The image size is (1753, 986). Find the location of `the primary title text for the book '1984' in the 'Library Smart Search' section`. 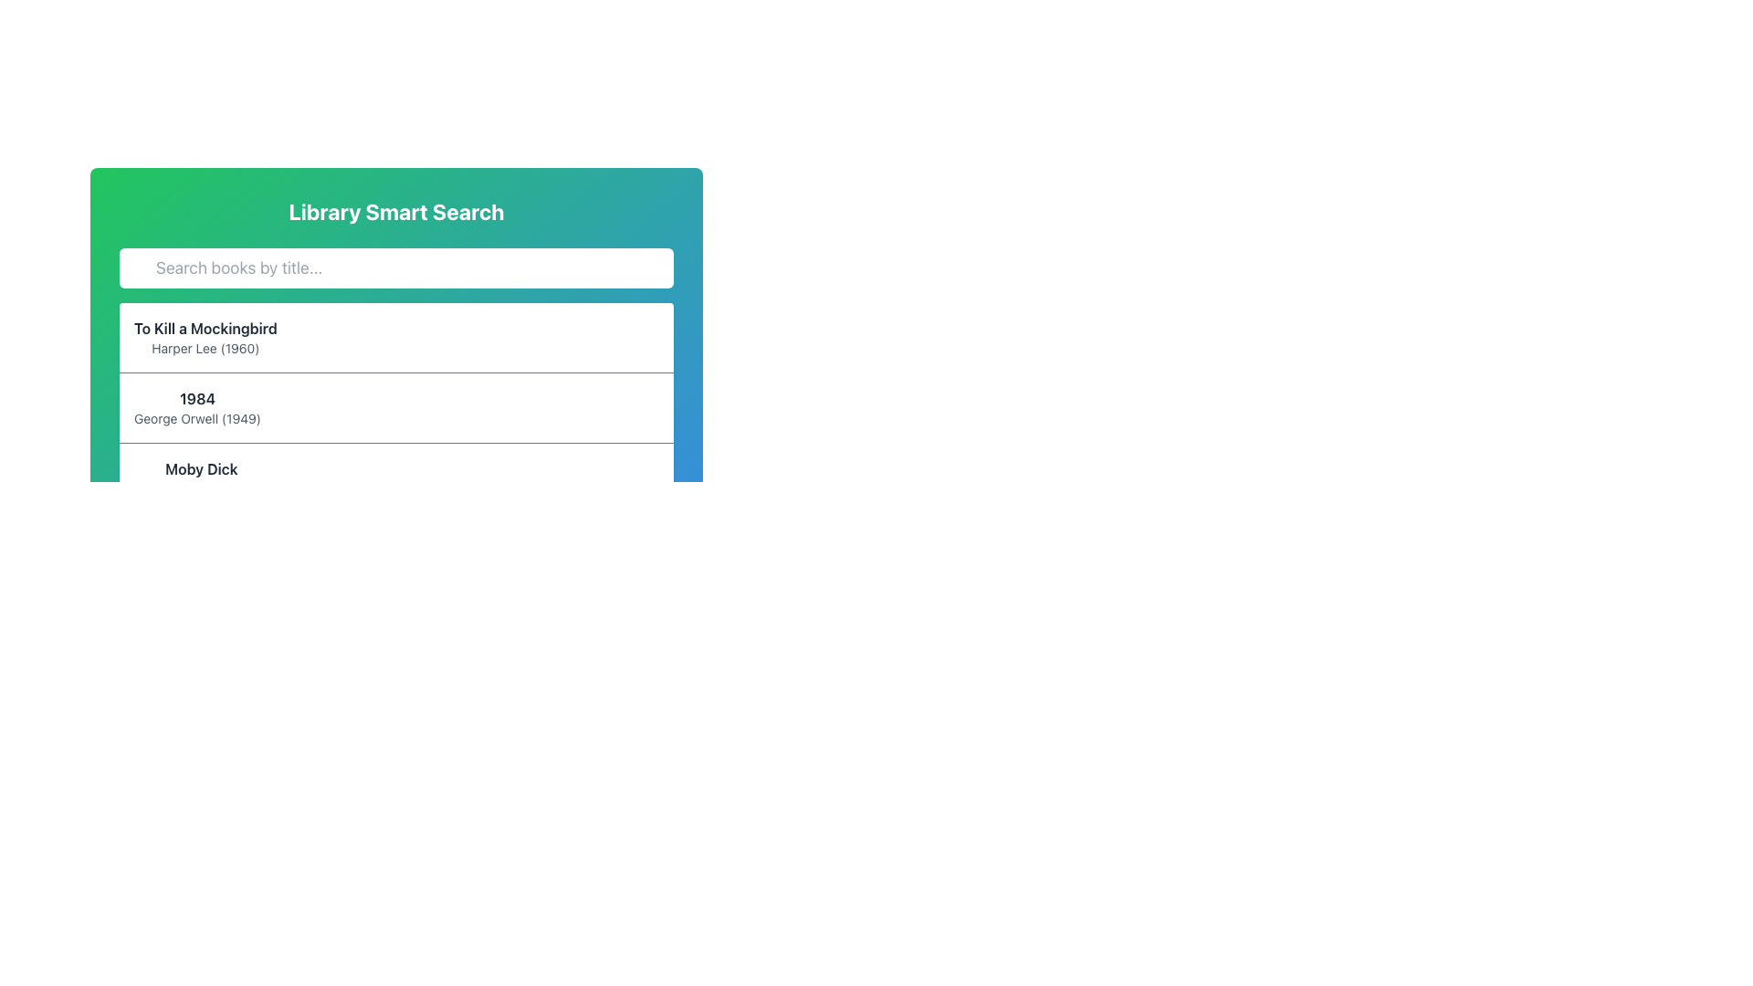

the primary title text for the book '1984' in the 'Library Smart Search' section is located at coordinates (197, 397).